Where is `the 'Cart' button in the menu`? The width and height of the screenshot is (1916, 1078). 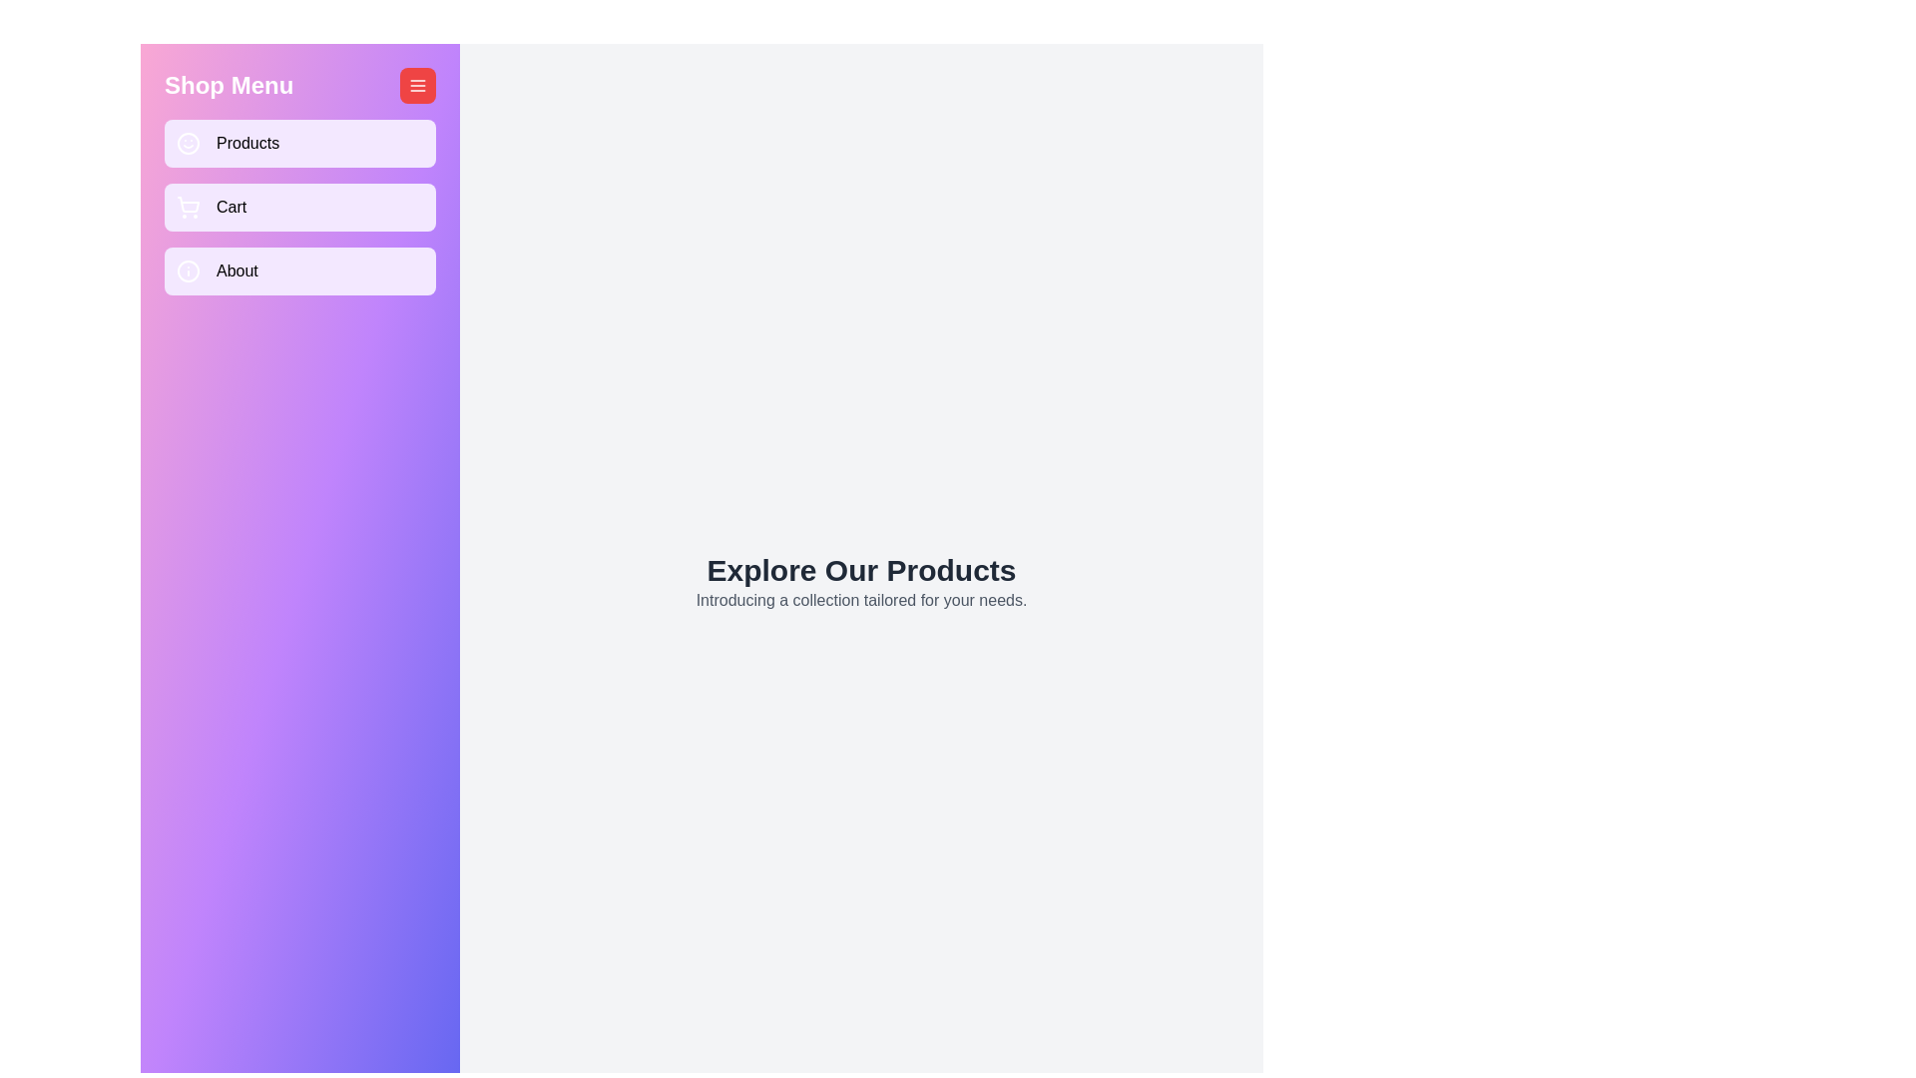
the 'Cart' button in the menu is located at coordinates (299, 208).